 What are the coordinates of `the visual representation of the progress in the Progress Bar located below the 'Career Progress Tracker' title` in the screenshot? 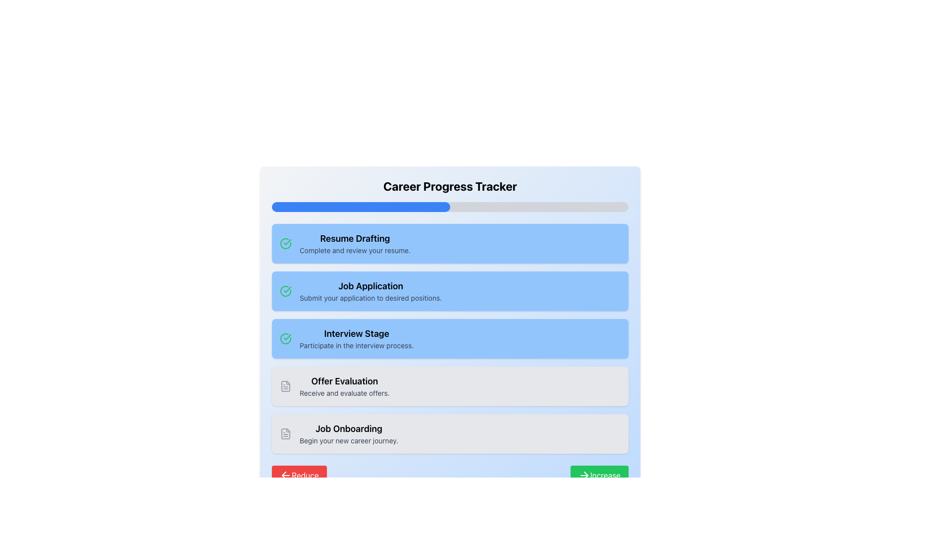 It's located at (449, 206).